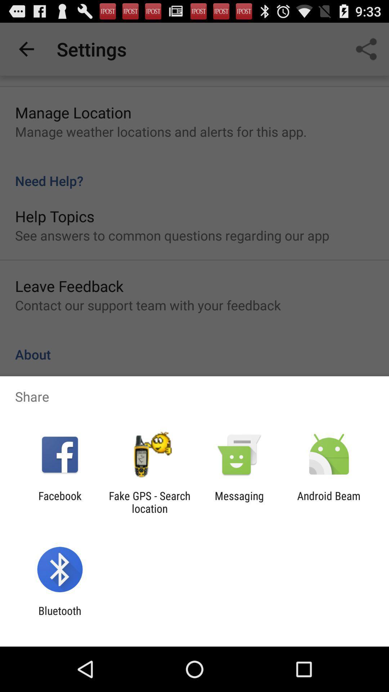  What do you see at coordinates (329, 502) in the screenshot?
I see `the android beam item` at bounding box center [329, 502].